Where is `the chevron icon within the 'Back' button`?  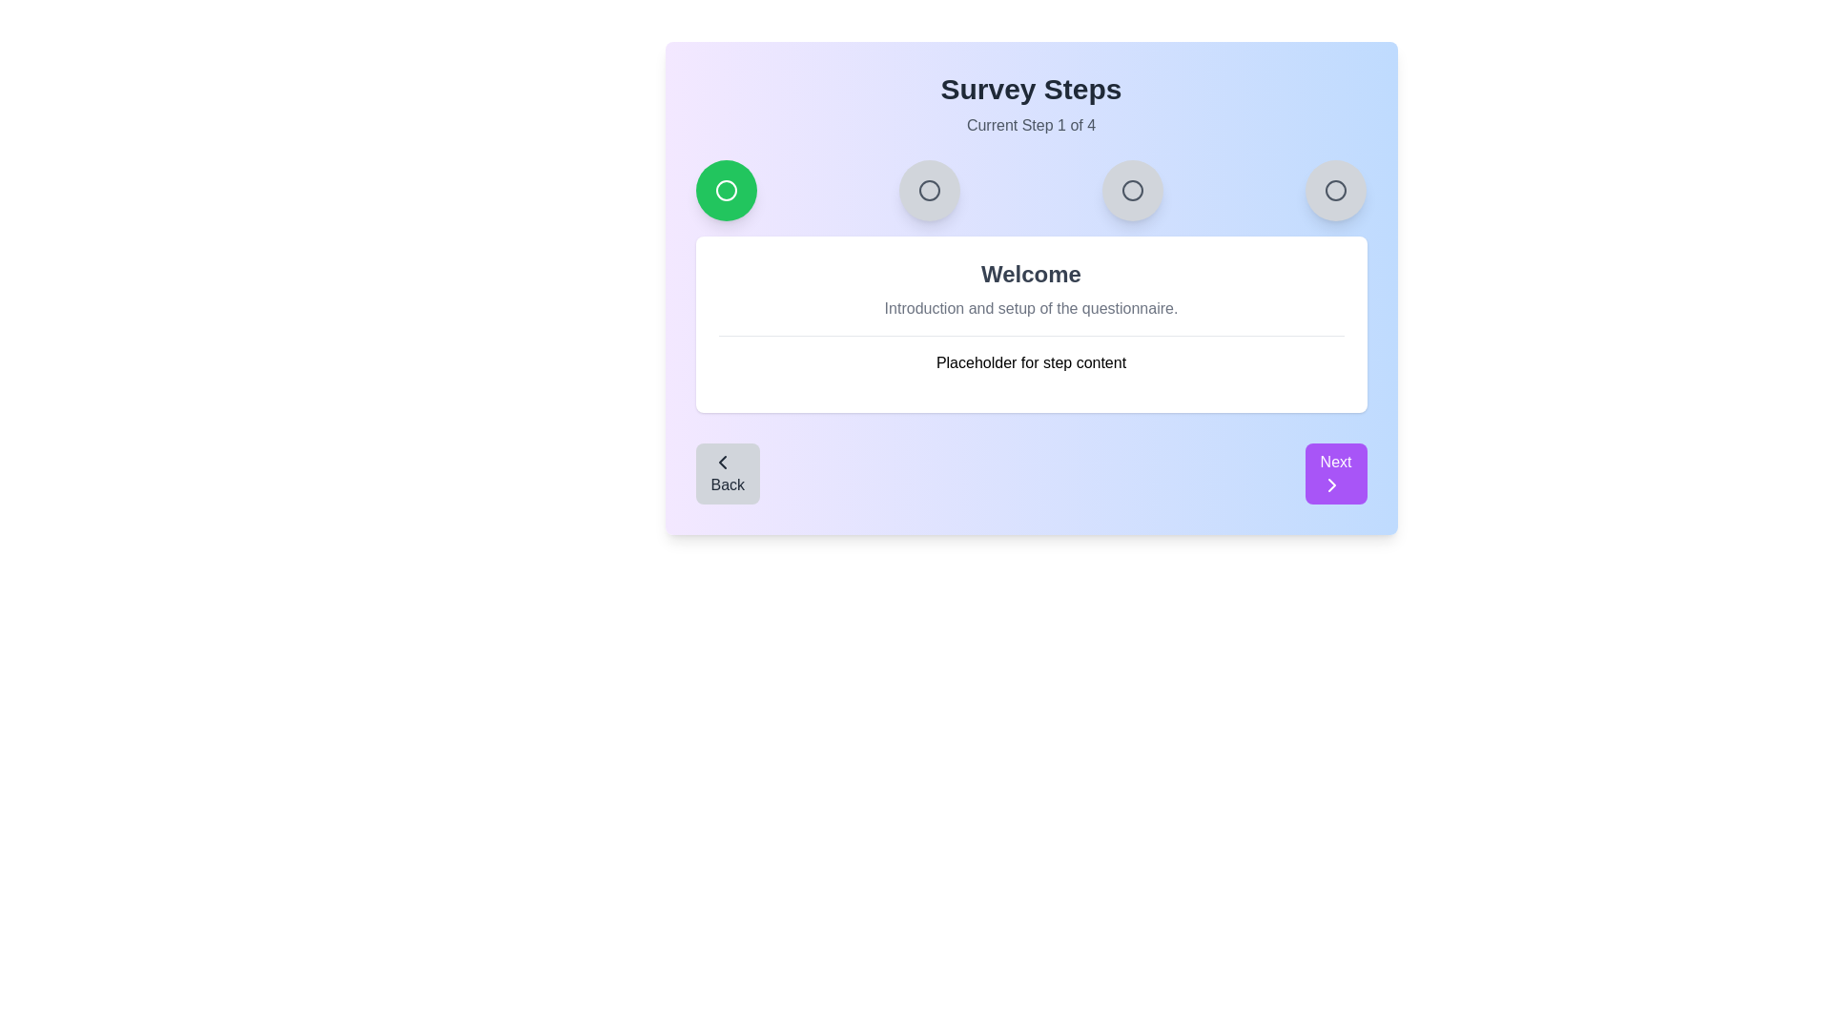 the chevron icon within the 'Back' button is located at coordinates (721, 463).